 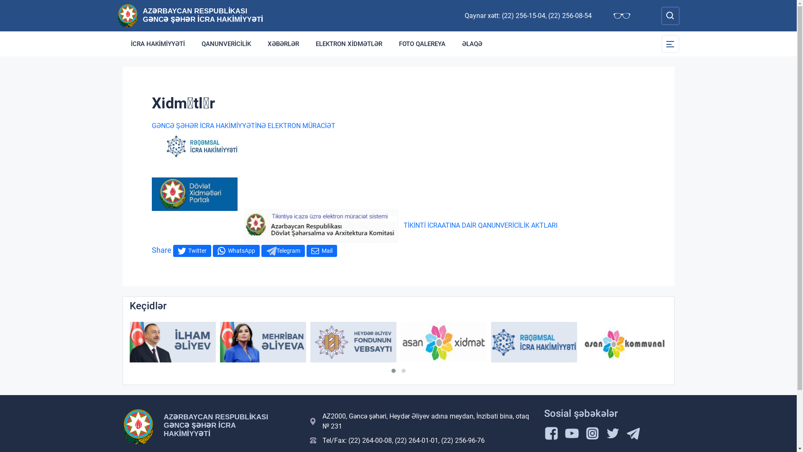 What do you see at coordinates (283, 250) in the screenshot?
I see `'Telegram'` at bounding box center [283, 250].